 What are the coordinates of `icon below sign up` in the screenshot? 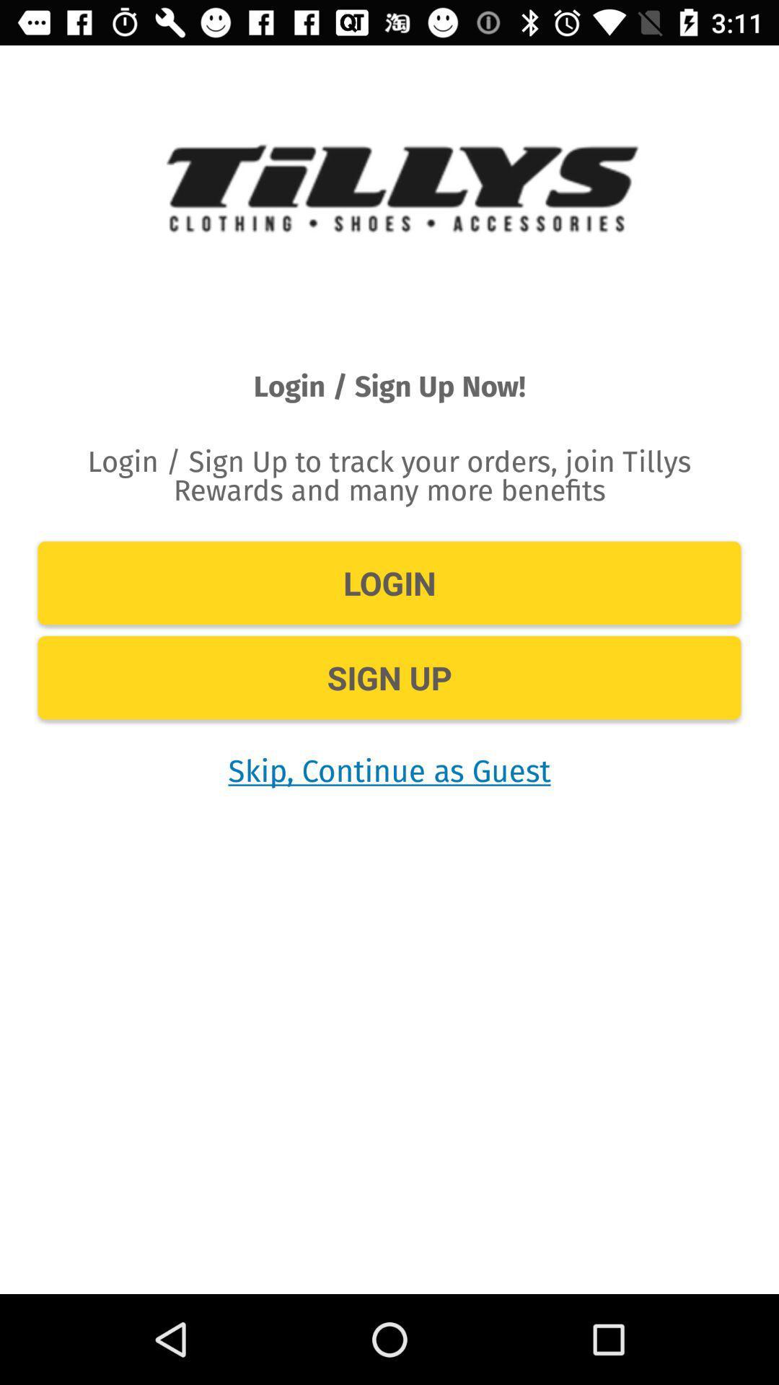 It's located at (389, 769).